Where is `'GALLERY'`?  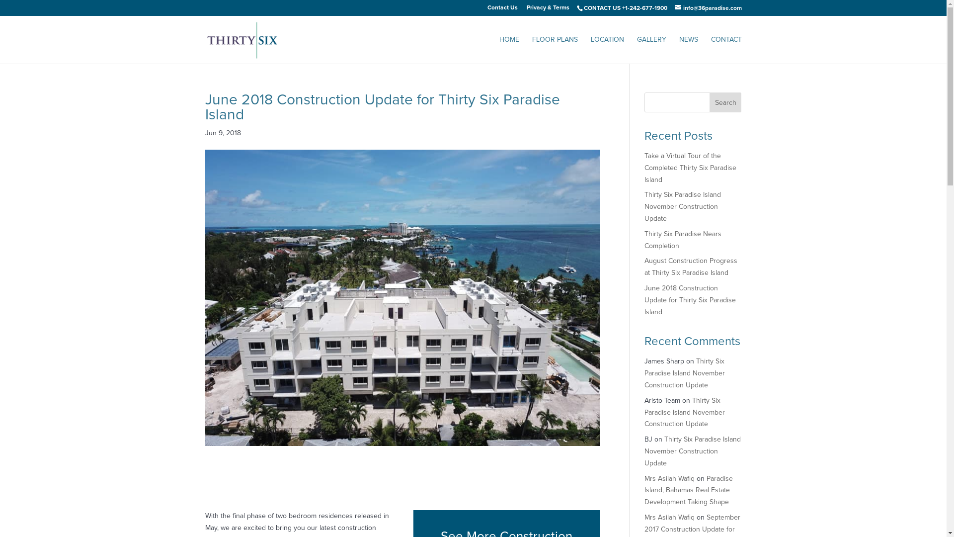 'GALLERY' is located at coordinates (651, 50).